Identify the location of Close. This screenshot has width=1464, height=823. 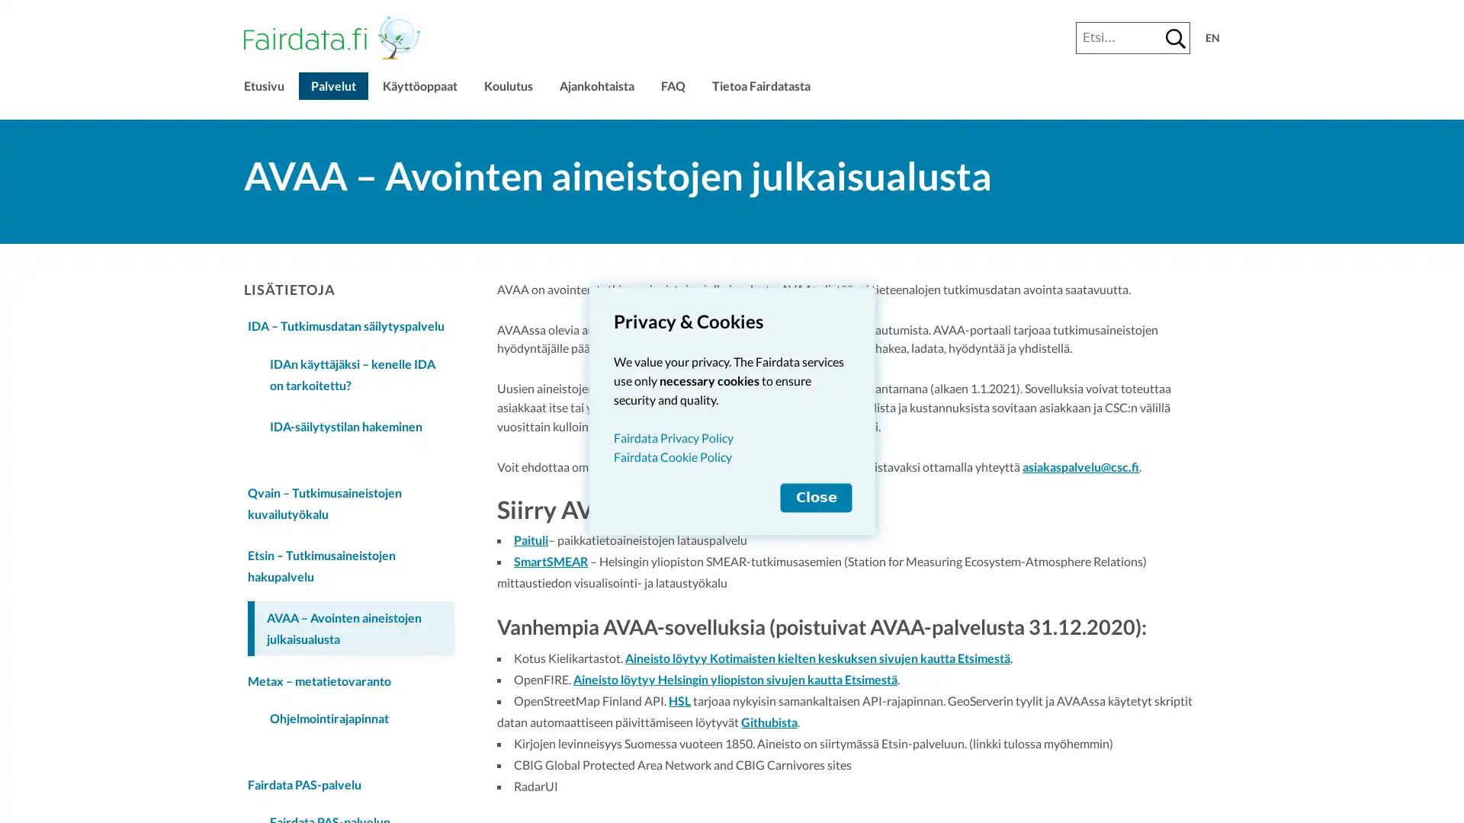
(815, 497).